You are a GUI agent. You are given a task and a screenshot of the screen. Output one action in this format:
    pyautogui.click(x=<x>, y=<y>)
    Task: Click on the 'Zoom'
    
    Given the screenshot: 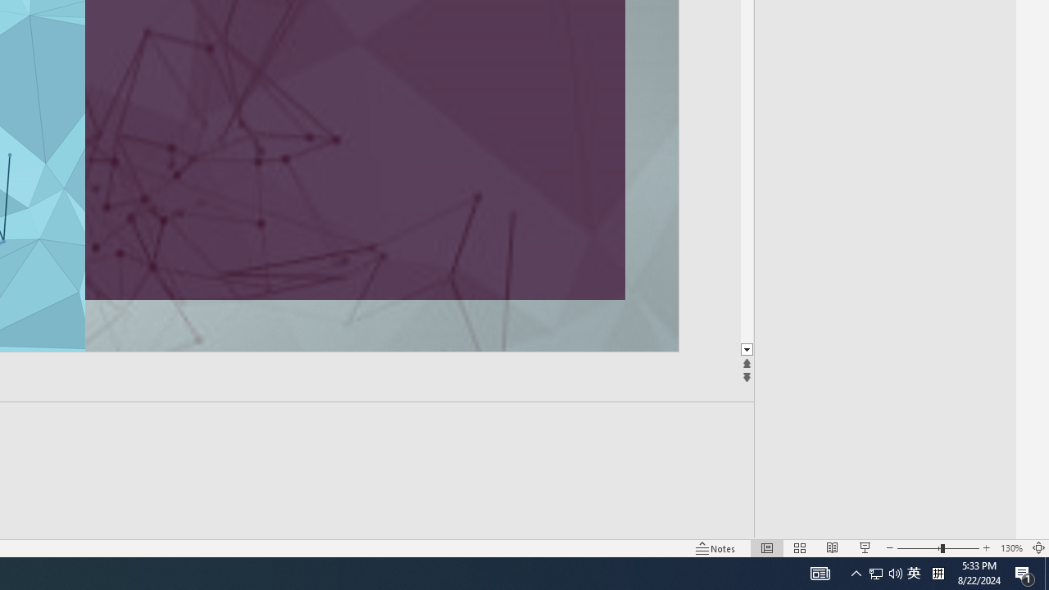 What is the action you would take?
    pyautogui.click(x=938, y=548)
    